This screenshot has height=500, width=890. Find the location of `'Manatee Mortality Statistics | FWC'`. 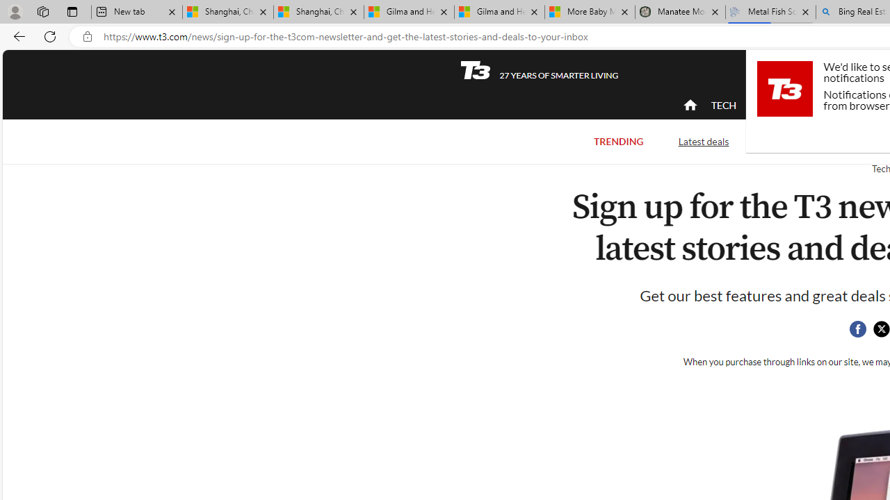

'Manatee Mortality Statistics | FWC' is located at coordinates (680, 12).